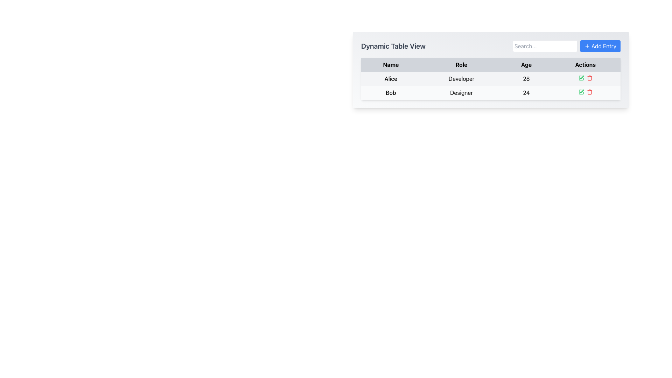 This screenshot has height=378, width=672. I want to click on the edit icon located in the second row of the table's 'Actions' column, so click(581, 91).